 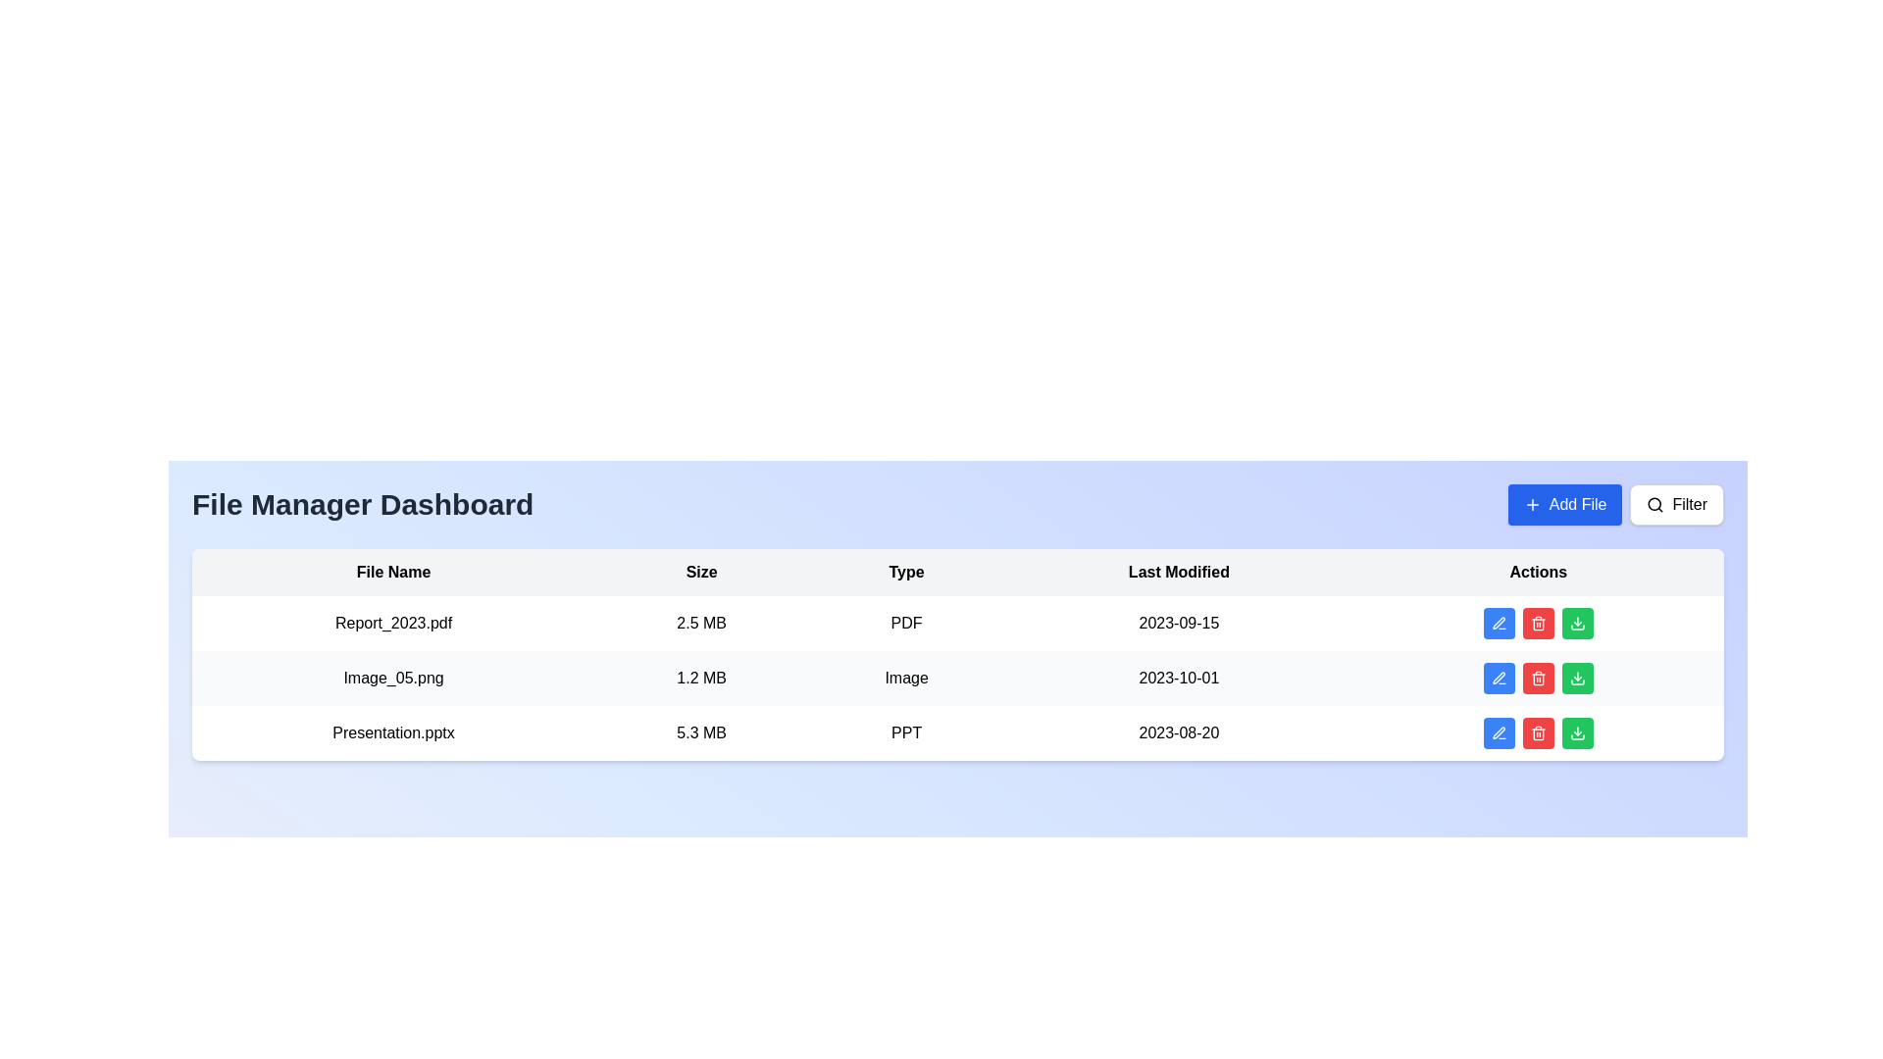 I want to click on the edit button in the 'Actions' column for the second file entry ('Image_05.png') to initiate edit mode, so click(x=1498, y=624).